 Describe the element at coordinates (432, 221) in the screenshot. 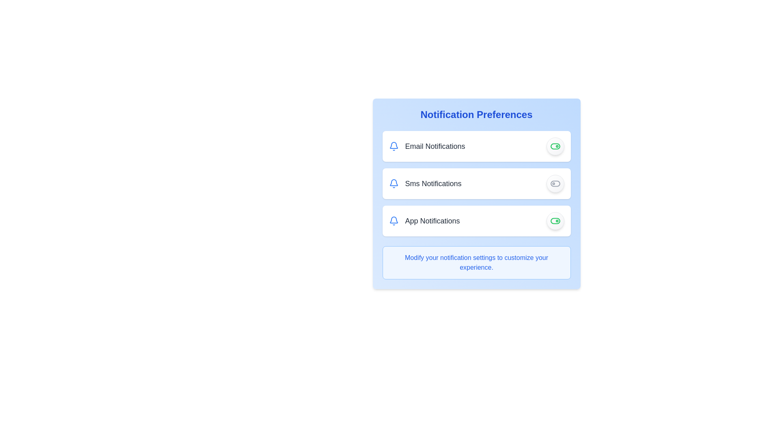

I see `the 'App Notifications' label, which is styled in larger, bold gray text and is the third label in the notification settings interface` at that location.